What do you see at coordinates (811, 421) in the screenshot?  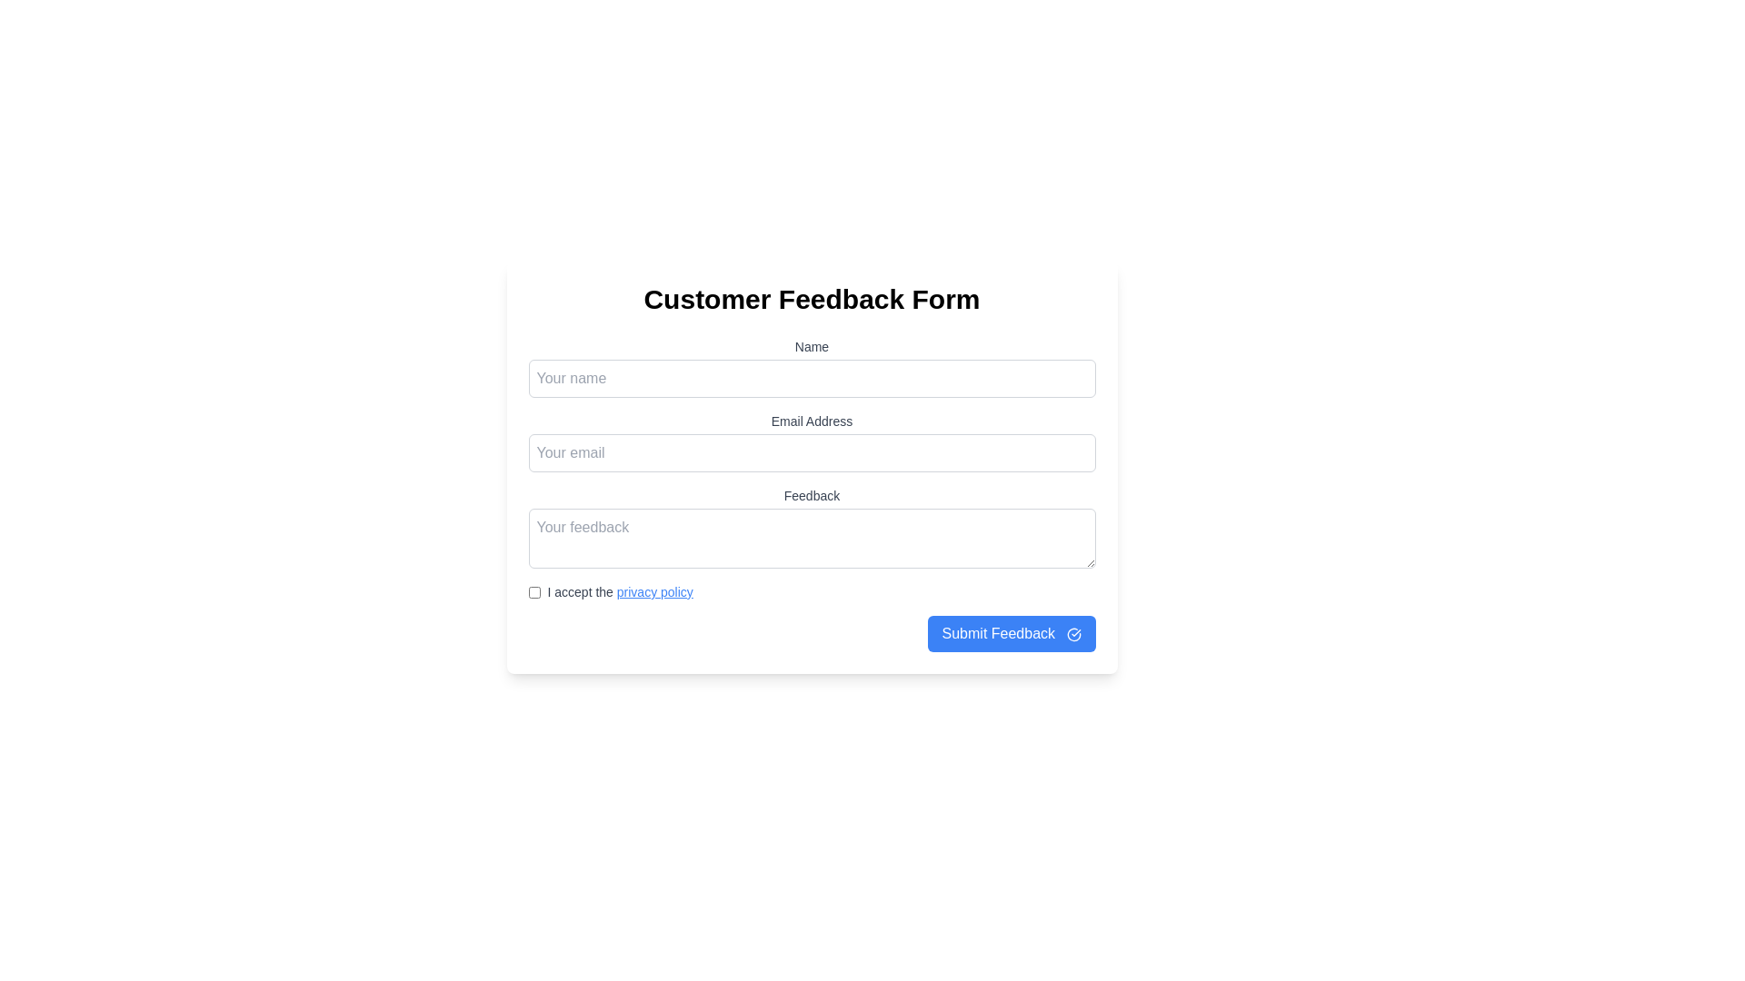 I see `the labeled input field by moving the cursor to the center of the email input label` at bounding box center [811, 421].